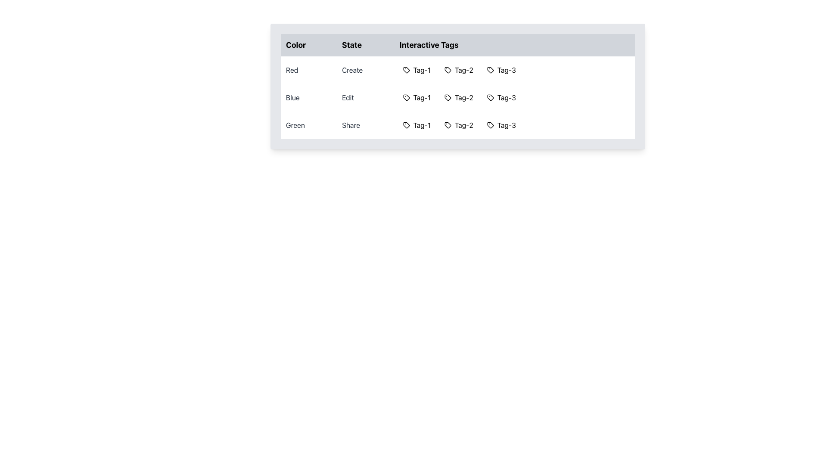 Image resolution: width=827 pixels, height=465 pixels. Describe the element at coordinates (406, 125) in the screenshot. I see `the green tag icon located` at that location.